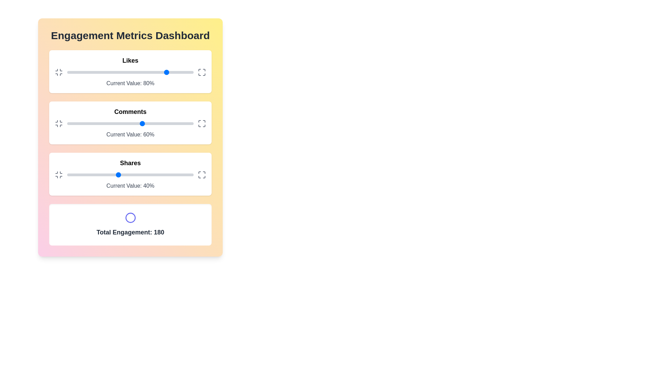 This screenshot has height=374, width=665. I want to click on the slider, so click(101, 72).